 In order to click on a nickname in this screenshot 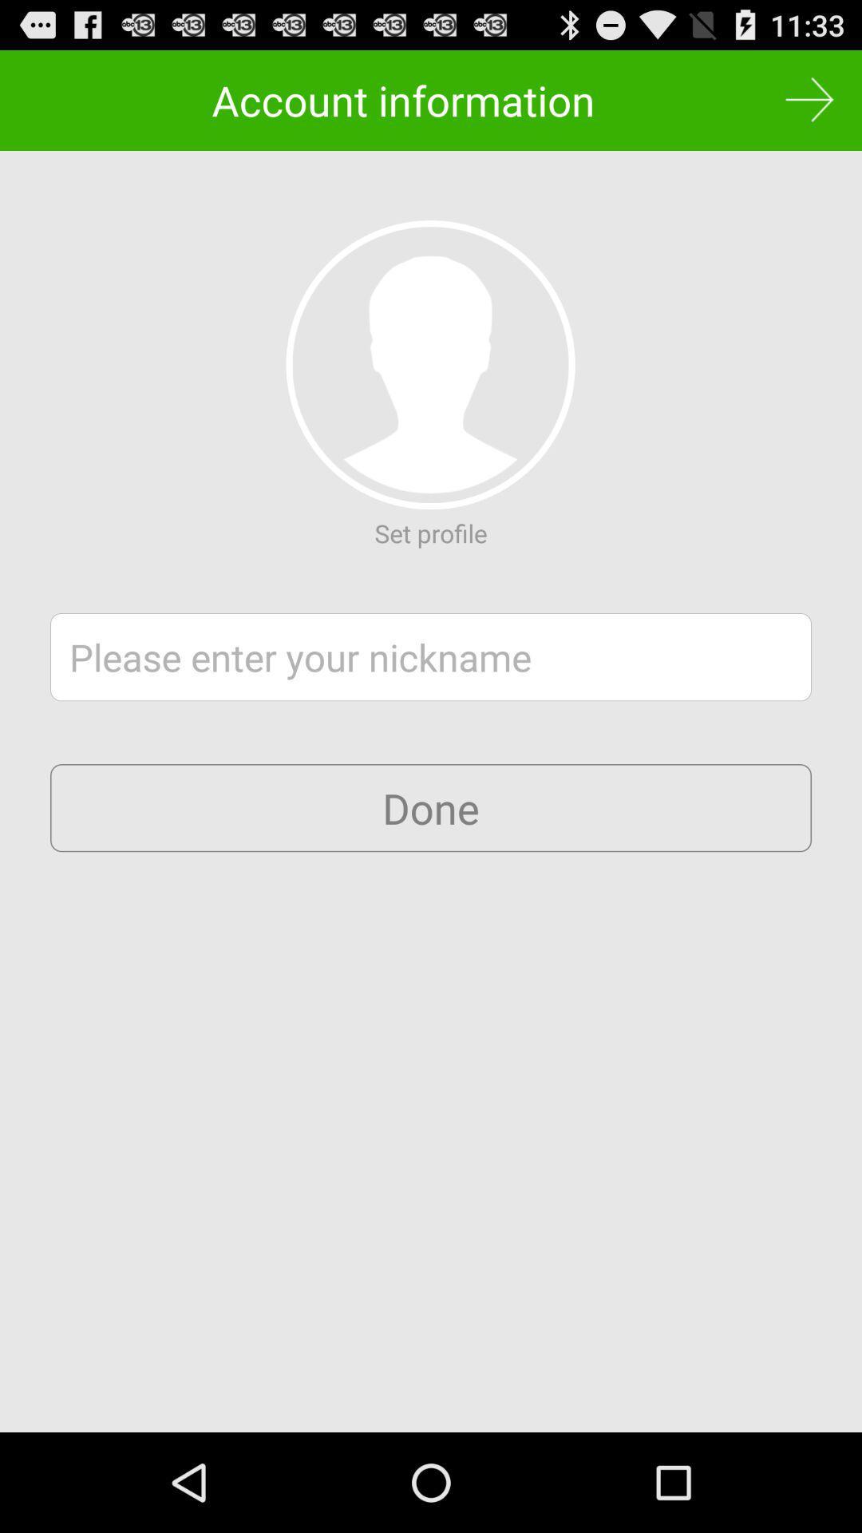, I will do `click(431, 657)`.